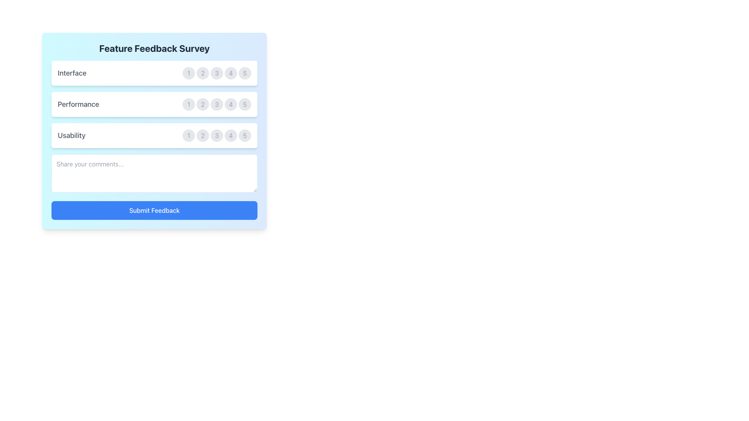  I want to click on one of the rating buttons (1 to 5) in the Rating row labeled 'Interface', which is the first row in the survey form, so click(154, 73).